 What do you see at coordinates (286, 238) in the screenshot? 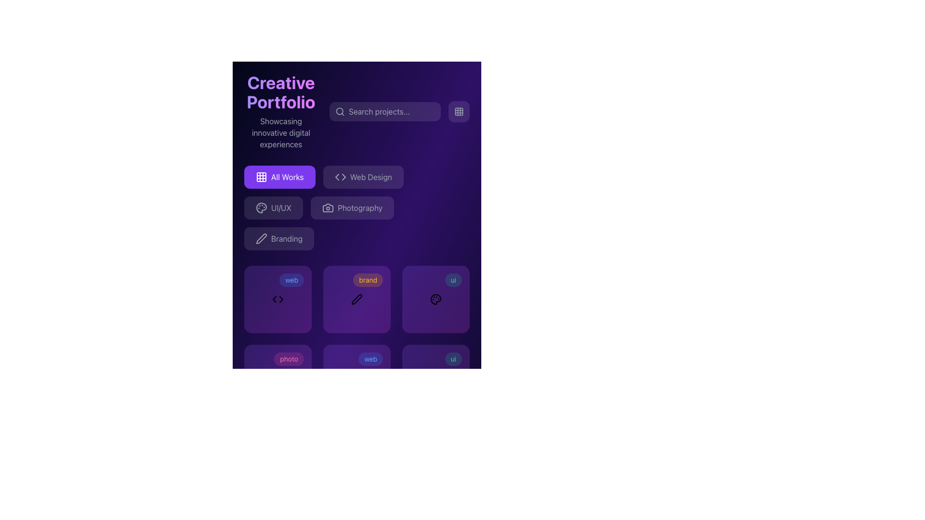
I see `the text label 'Branding' displayed in light color against a darker background, which is part of a button next to a pen icon` at bounding box center [286, 238].